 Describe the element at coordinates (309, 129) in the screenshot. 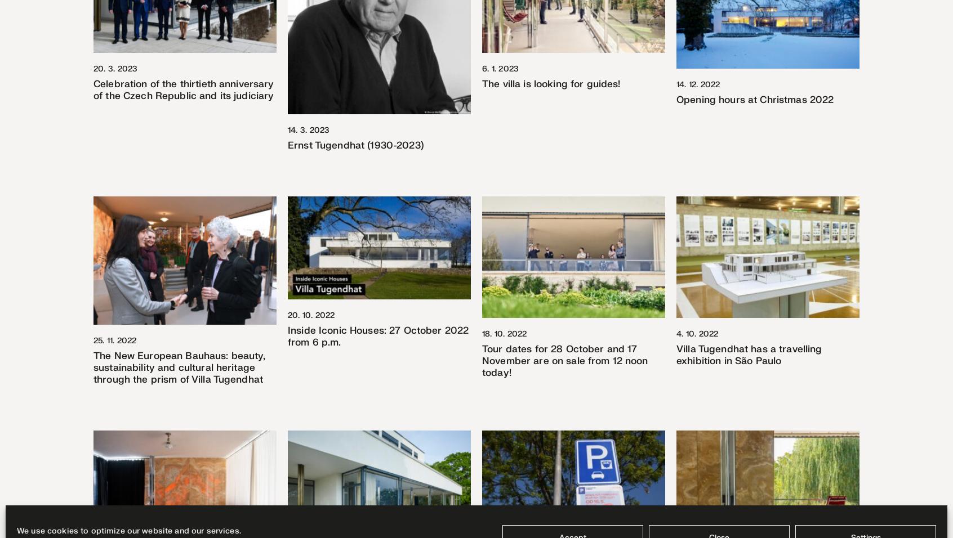

I see `'14. 3. 2023'` at that location.